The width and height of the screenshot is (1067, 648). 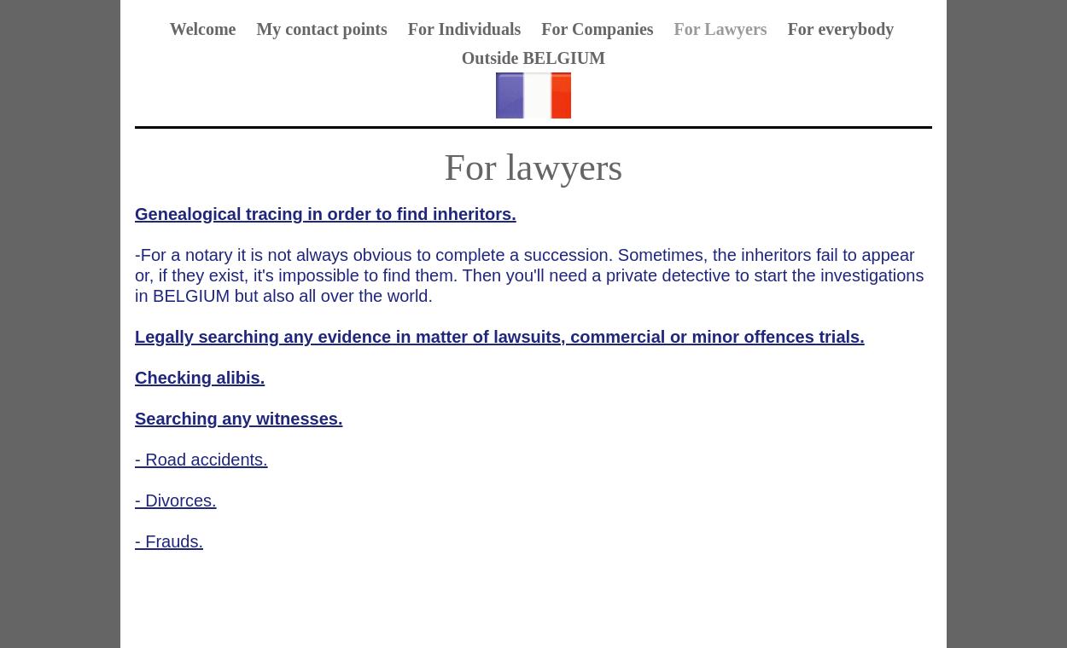 What do you see at coordinates (528, 275) in the screenshot?
I see `'-For a notary it is not always obvious to complete a succession. Sometimes, the inheritors fail to appear or, if they exist, it's impossible to find them. Then you'll need a private detective to start the investigations in BELGIUM but also all over the world.'` at bounding box center [528, 275].